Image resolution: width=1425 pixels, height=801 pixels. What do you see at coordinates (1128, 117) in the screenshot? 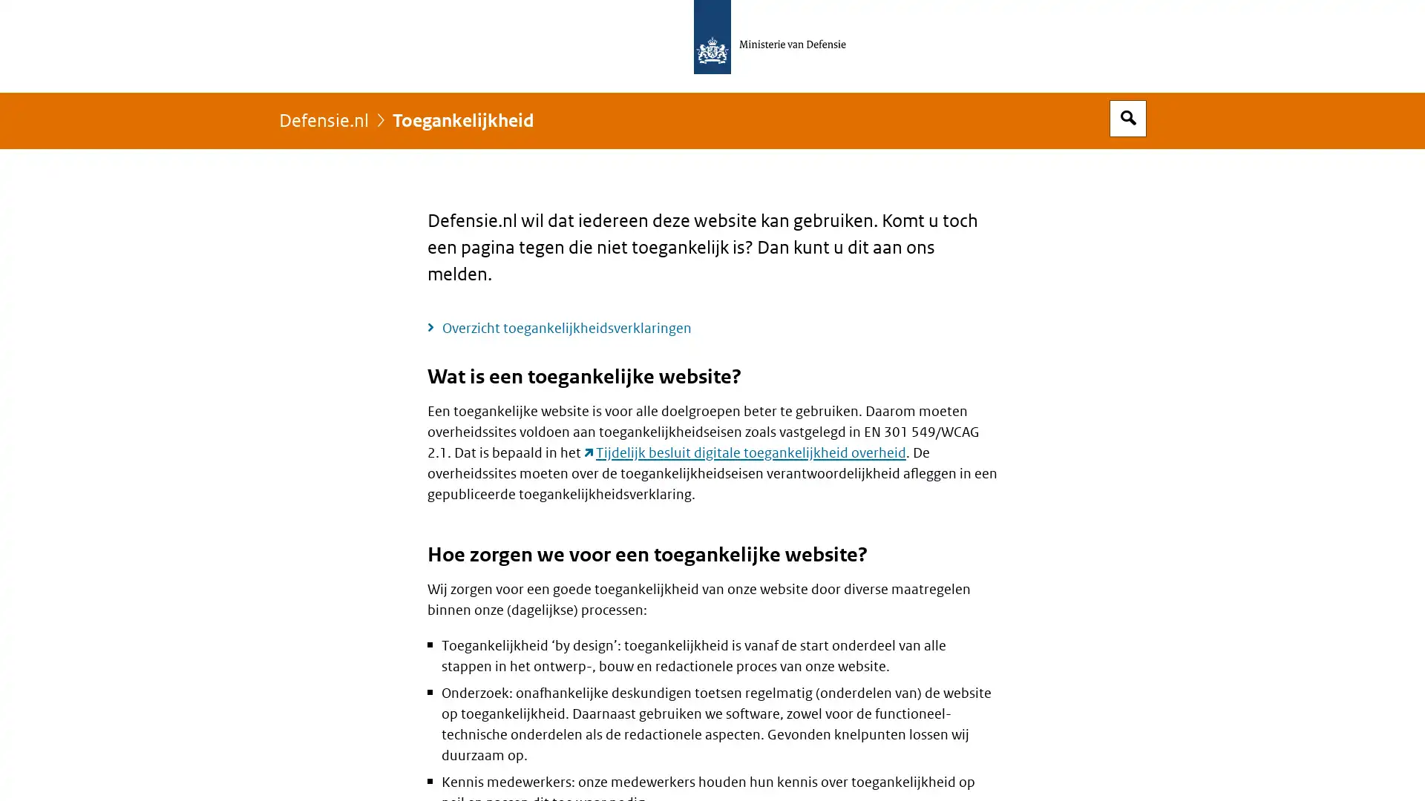
I see `Open zoekveld` at bounding box center [1128, 117].